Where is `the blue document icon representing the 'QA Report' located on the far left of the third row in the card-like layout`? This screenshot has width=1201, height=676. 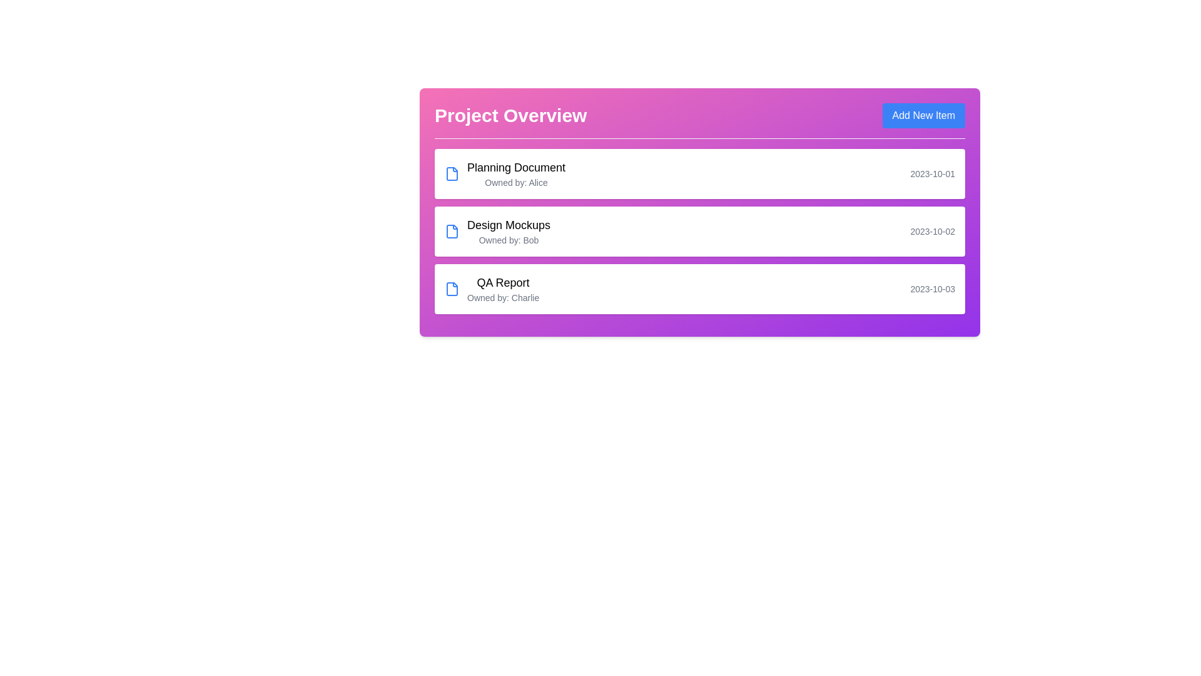
the blue document icon representing the 'QA Report' located on the far left of the third row in the card-like layout is located at coordinates (452, 289).